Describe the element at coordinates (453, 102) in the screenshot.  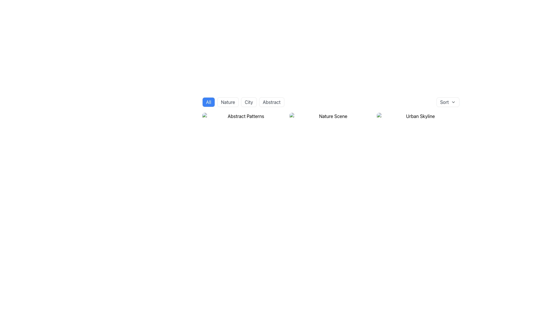
I see `the sort icon located to the right of the 'Sort' button` at that location.